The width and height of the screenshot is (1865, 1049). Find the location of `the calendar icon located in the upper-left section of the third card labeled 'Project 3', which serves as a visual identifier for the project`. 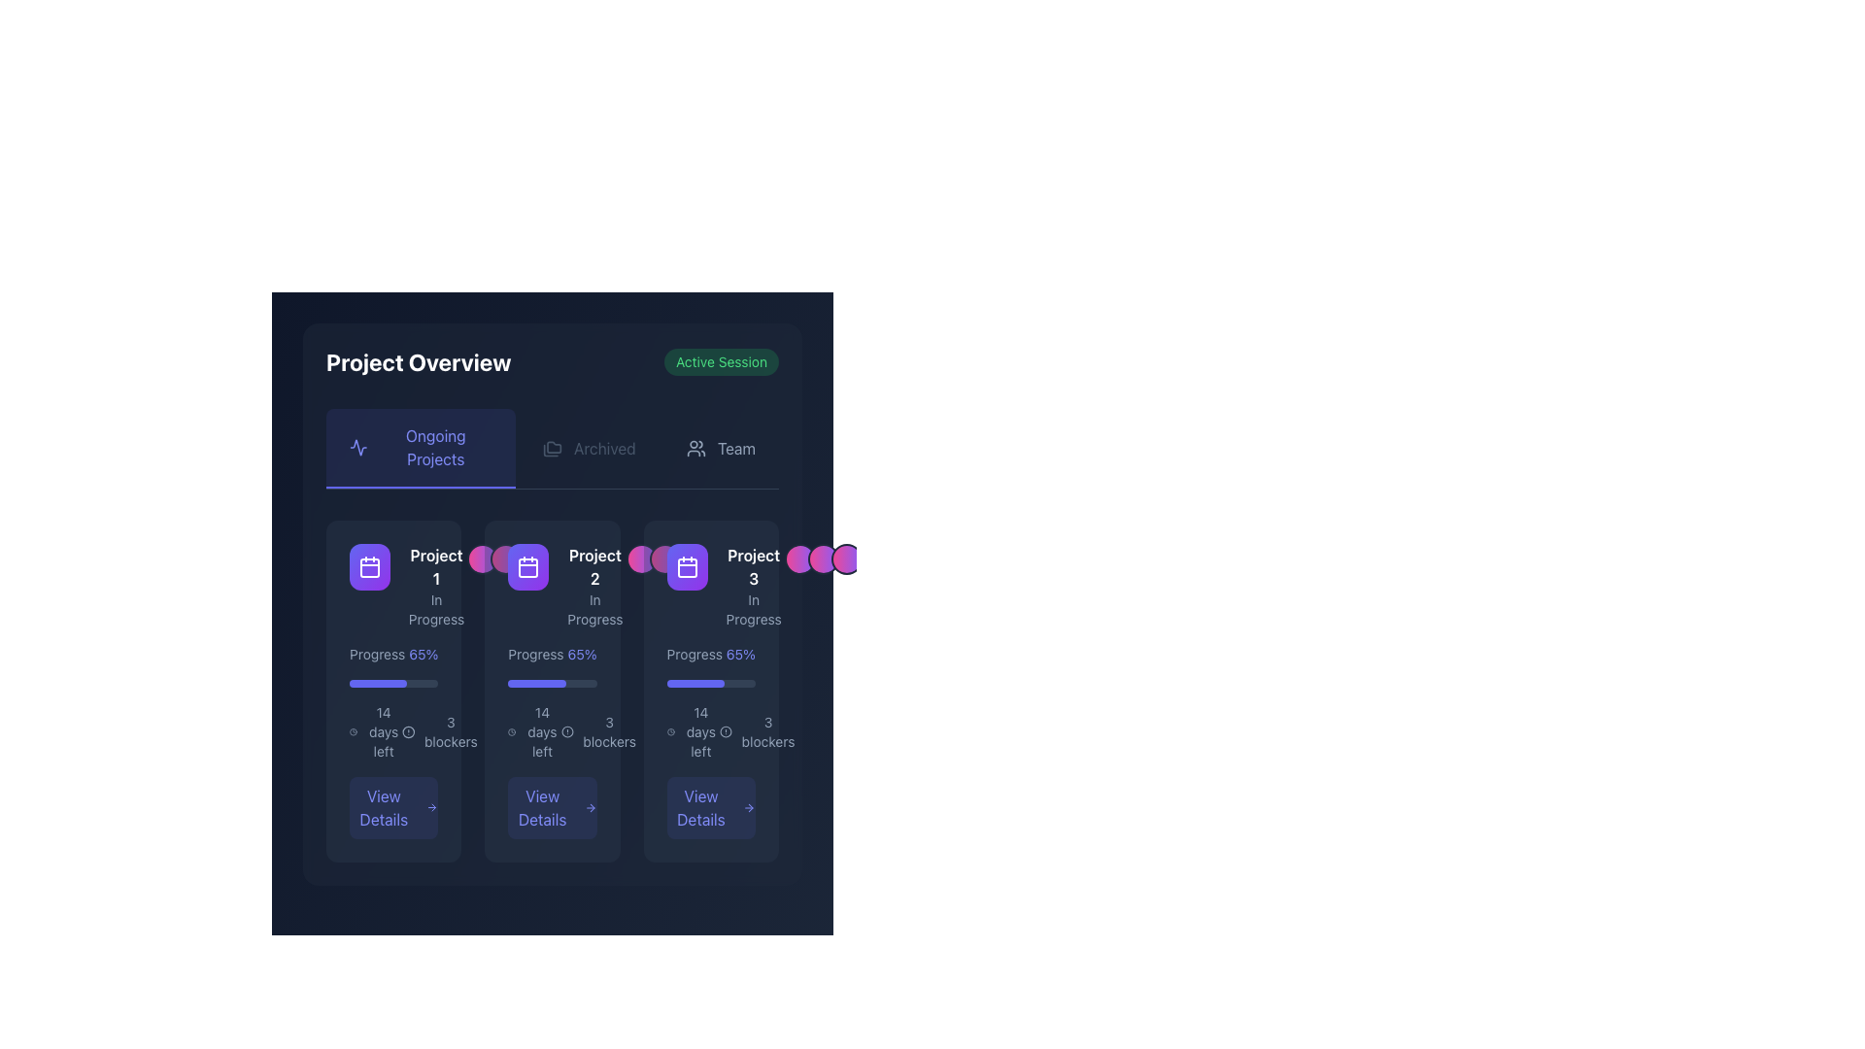

the calendar icon located in the upper-left section of the third card labeled 'Project 3', which serves as a visual identifier for the project is located at coordinates (369, 566).